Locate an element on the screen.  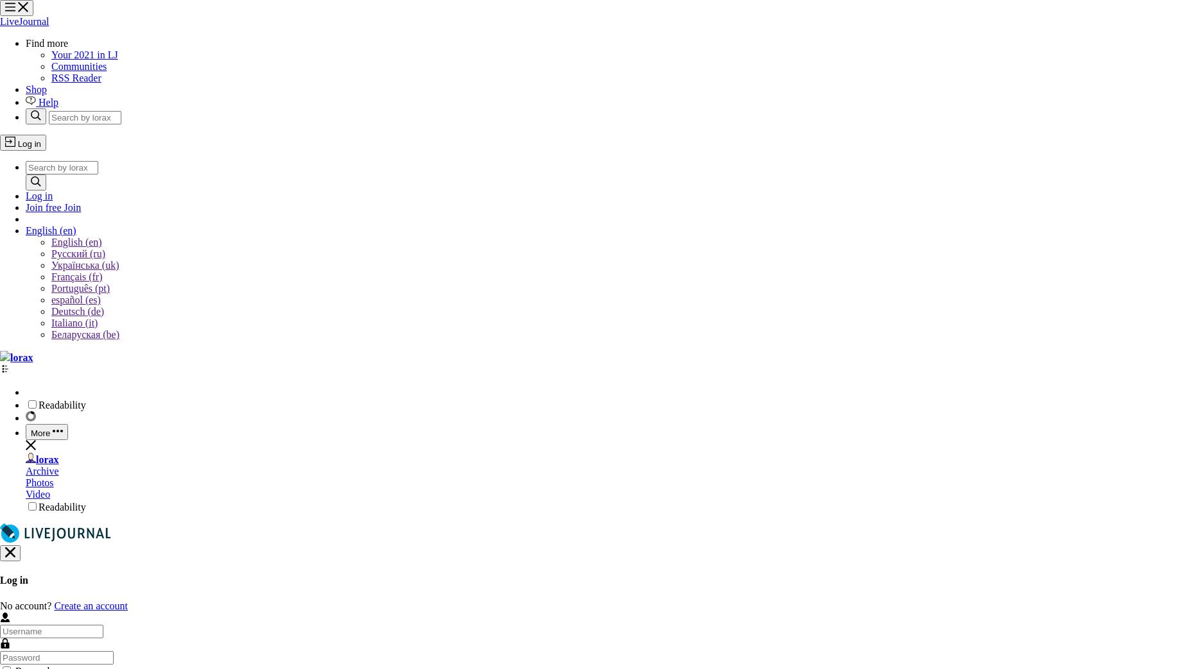
'RSS Reader' is located at coordinates (50, 78).